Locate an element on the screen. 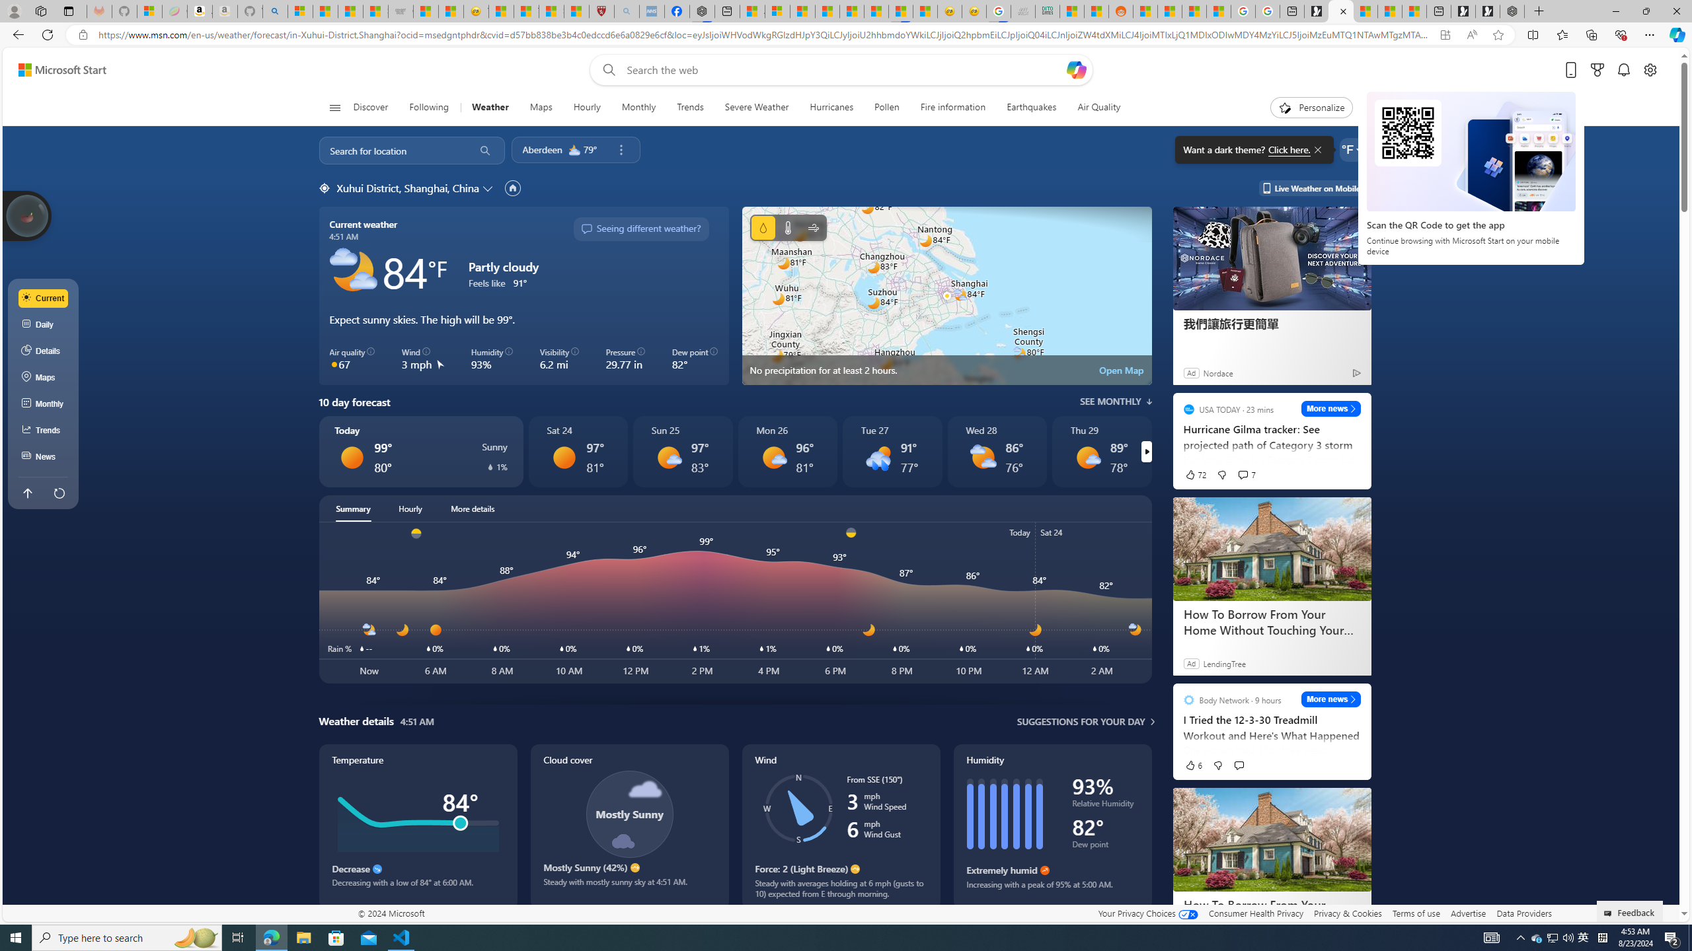  'Class: aqiColorCycle-DS-EntryPoint1-1' is located at coordinates (334, 364).